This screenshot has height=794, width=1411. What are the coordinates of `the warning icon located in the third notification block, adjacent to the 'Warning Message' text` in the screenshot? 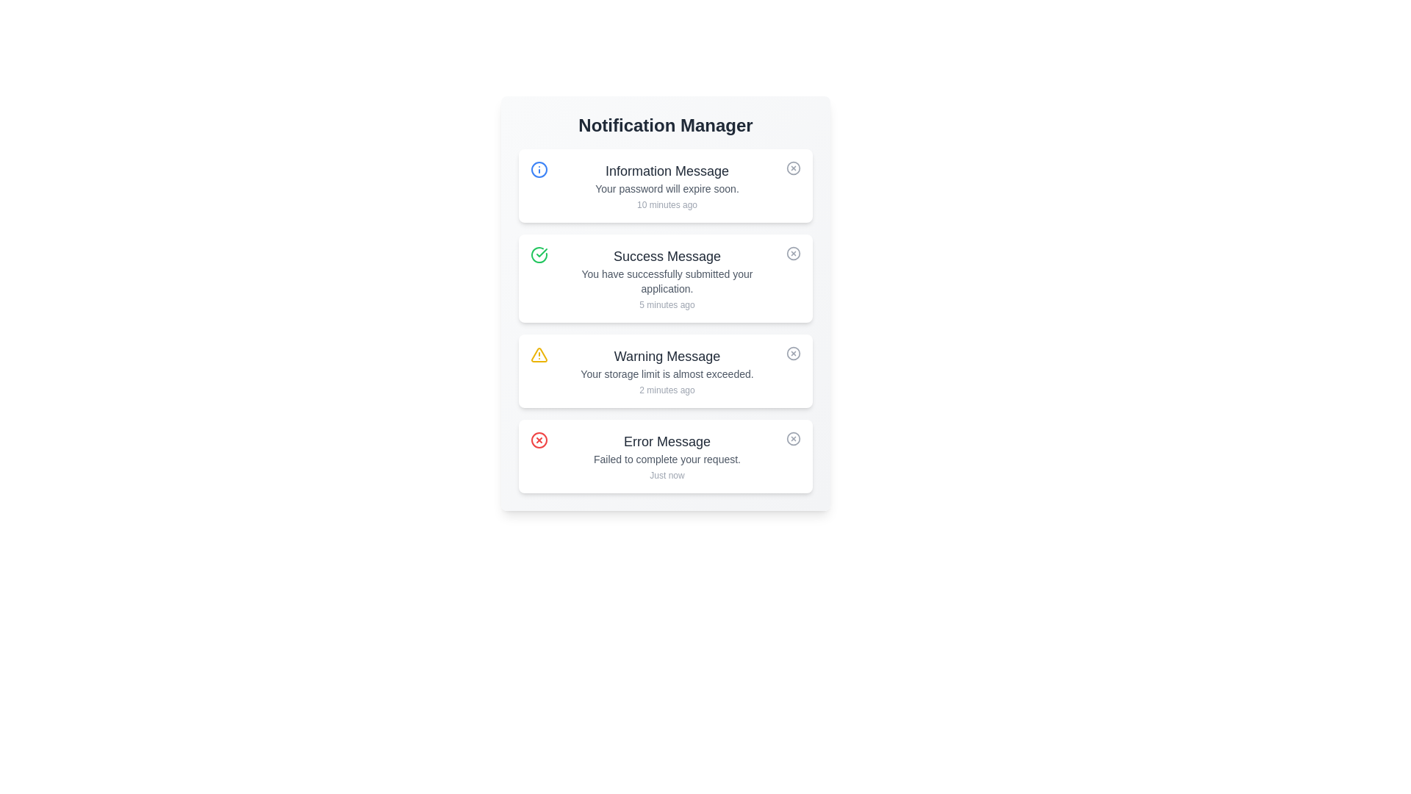 It's located at (539, 354).